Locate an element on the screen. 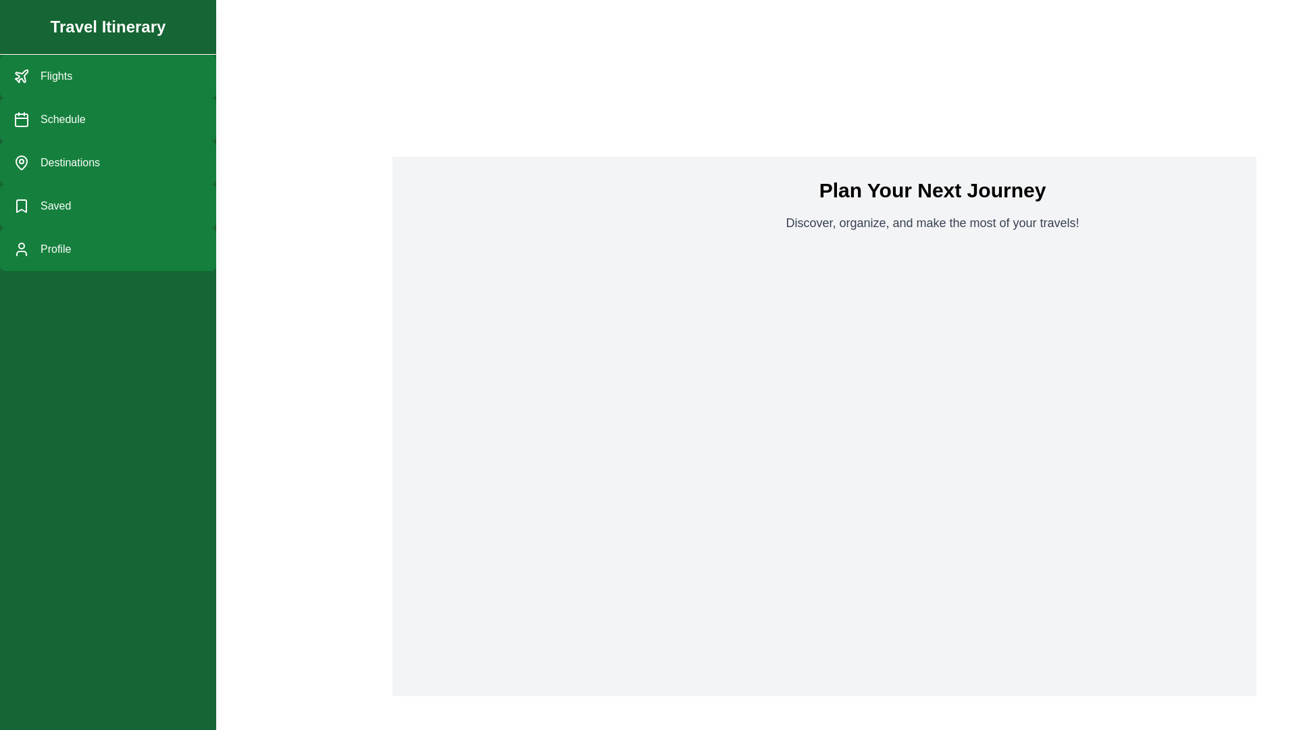 This screenshot has width=1297, height=730. the calendar icon in the 'Schedule' menu is located at coordinates (22, 119).